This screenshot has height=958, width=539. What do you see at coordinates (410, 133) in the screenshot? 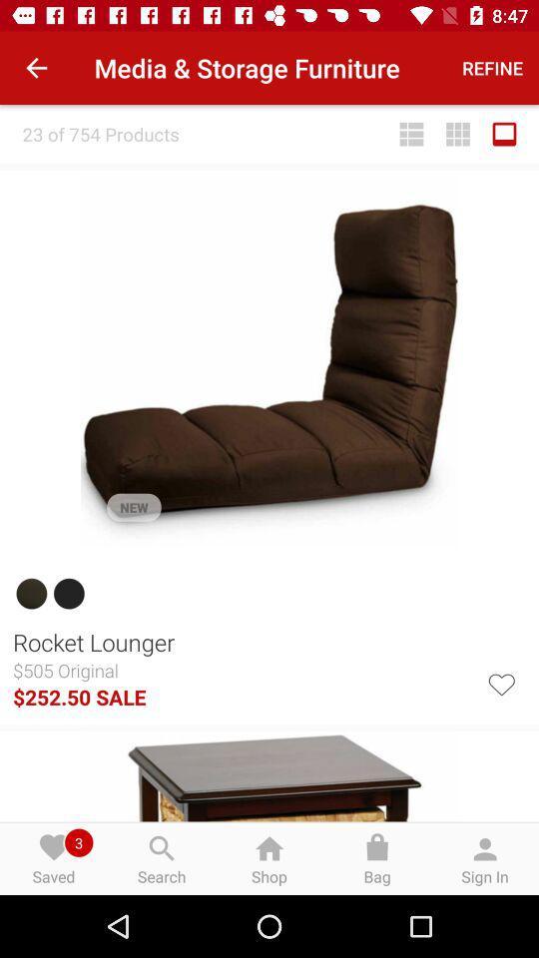
I see `icon to the right of 23 of 754` at bounding box center [410, 133].